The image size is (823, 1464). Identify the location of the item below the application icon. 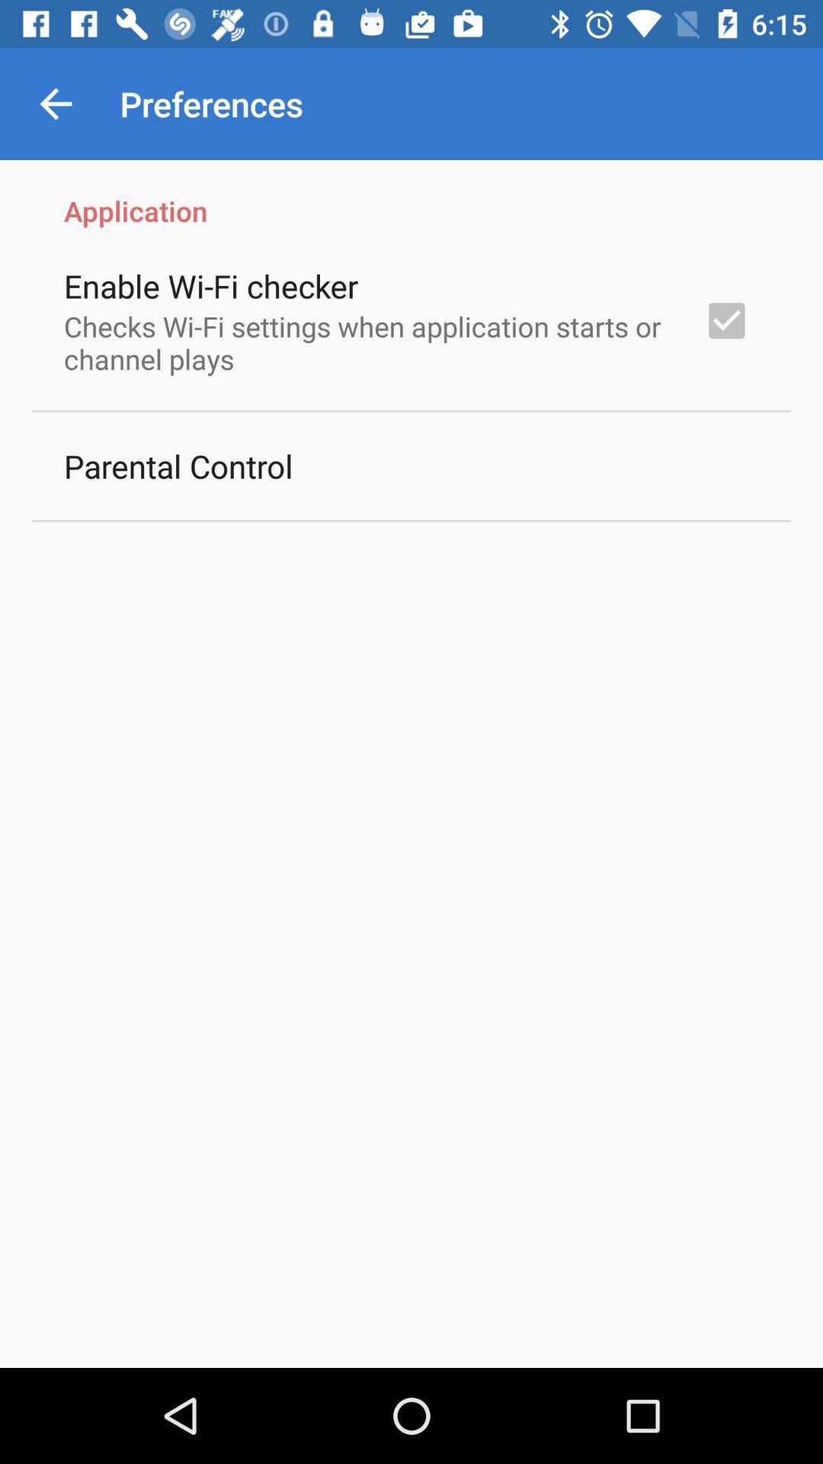
(725, 319).